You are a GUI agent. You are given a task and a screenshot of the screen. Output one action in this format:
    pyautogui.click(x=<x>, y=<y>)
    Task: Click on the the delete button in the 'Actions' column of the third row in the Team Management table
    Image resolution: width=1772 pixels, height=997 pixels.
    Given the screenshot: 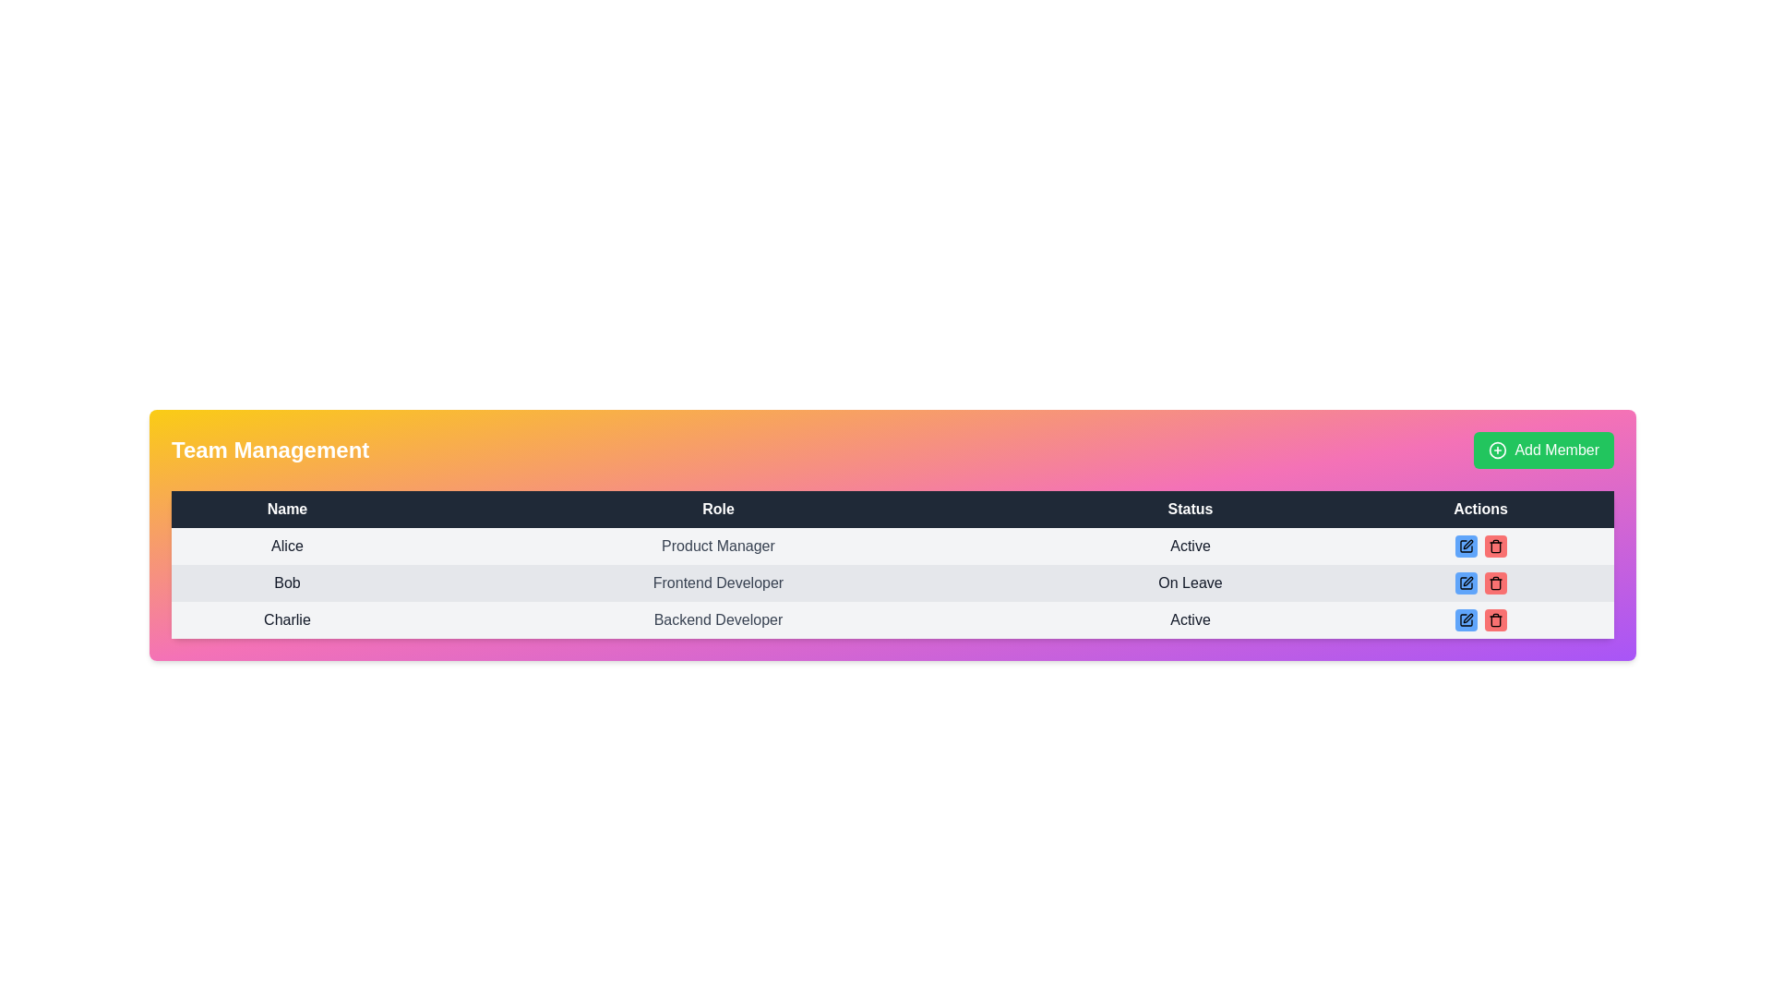 What is the action you would take?
    pyautogui.click(x=1495, y=545)
    